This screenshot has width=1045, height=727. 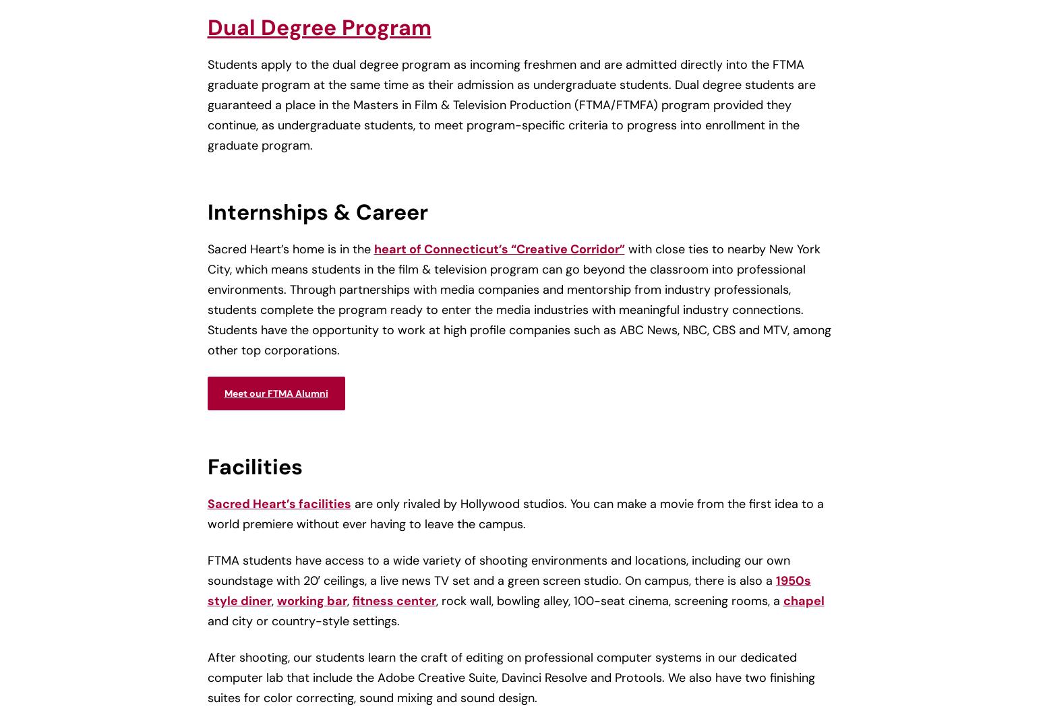 What do you see at coordinates (498, 249) in the screenshot?
I see `'heart of Connecticut’s “Creative Corridor”'` at bounding box center [498, 249].